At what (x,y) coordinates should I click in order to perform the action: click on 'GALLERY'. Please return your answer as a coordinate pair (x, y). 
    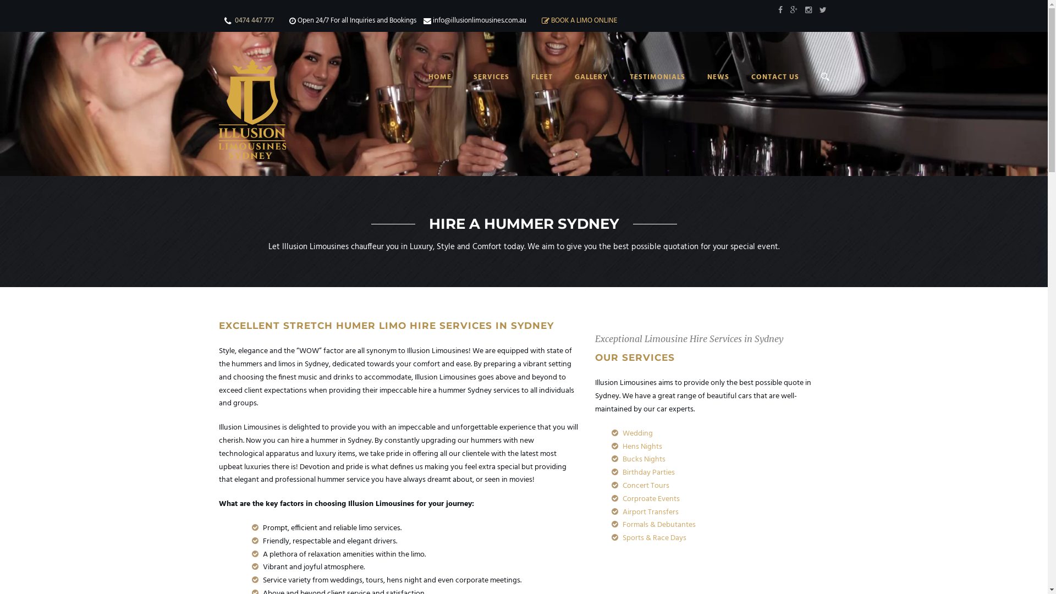
    Looking at the image, I should click on (579, 89).